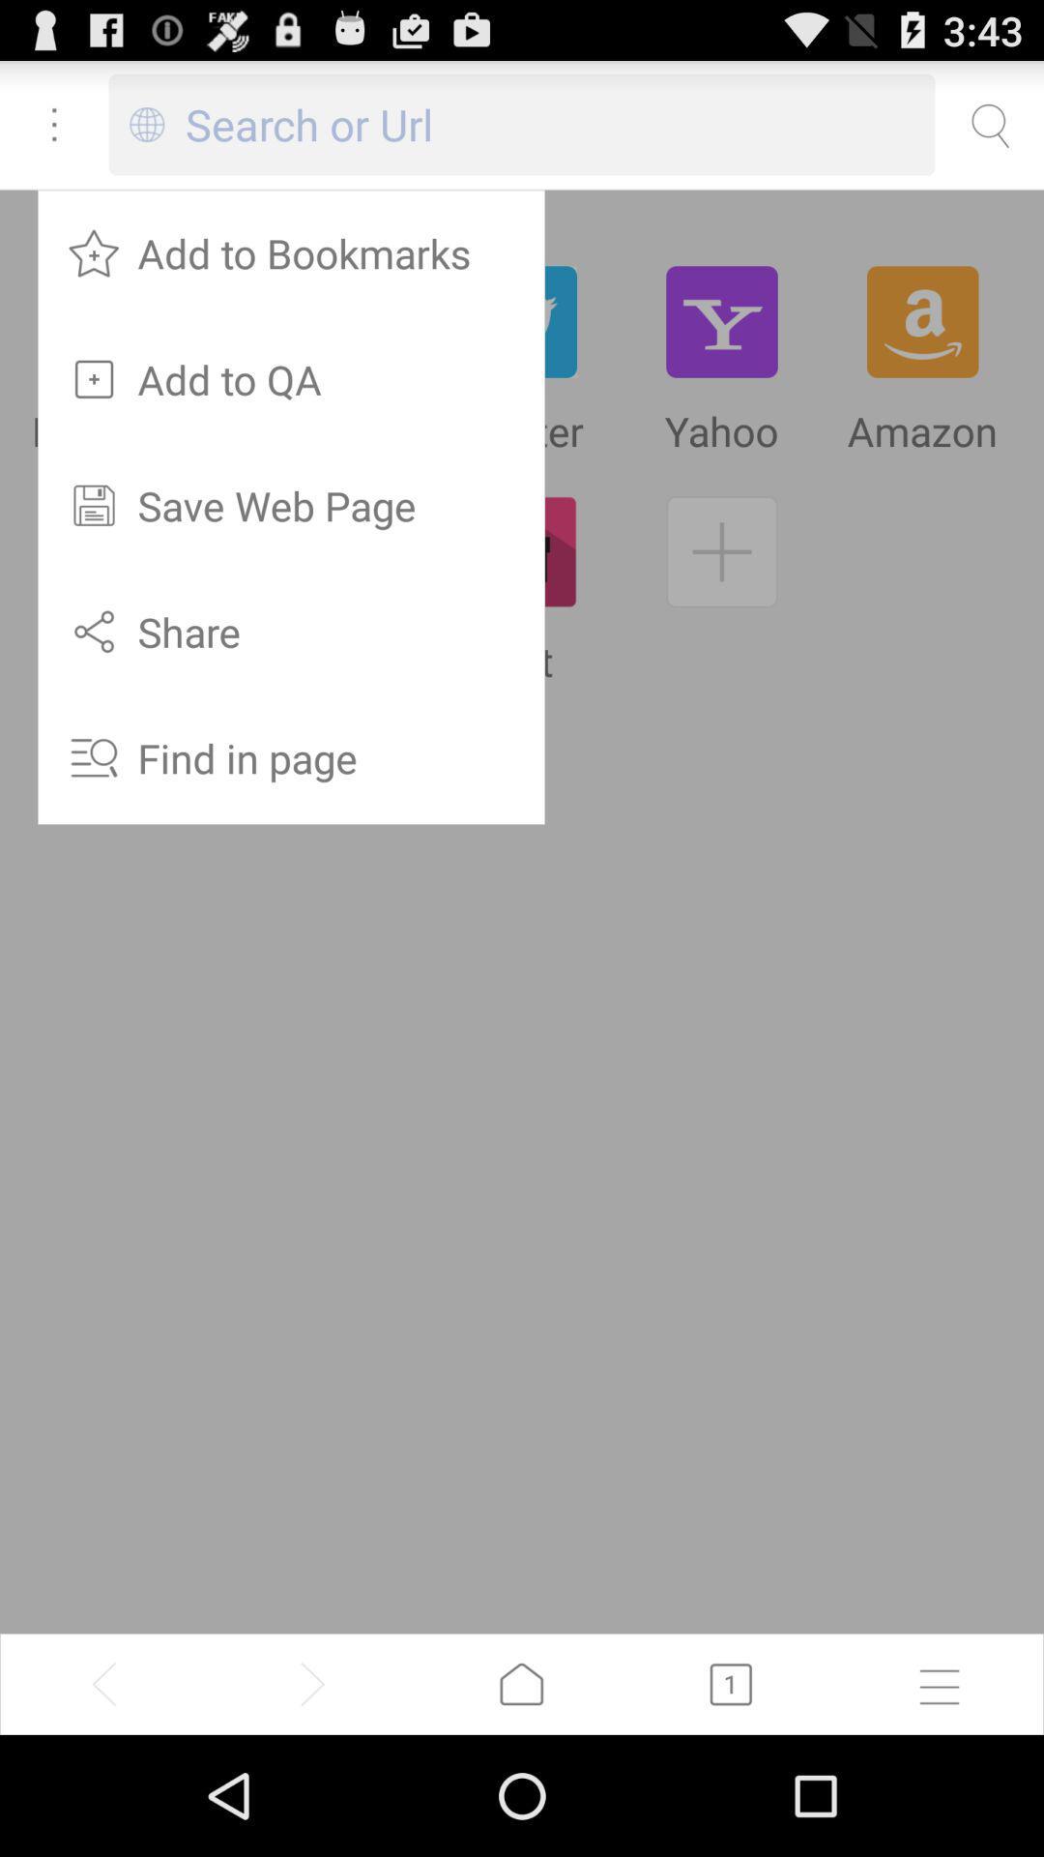  Describe the element at coordinates (146, 133) in the screenshot. I see `the globe icon` at that location.